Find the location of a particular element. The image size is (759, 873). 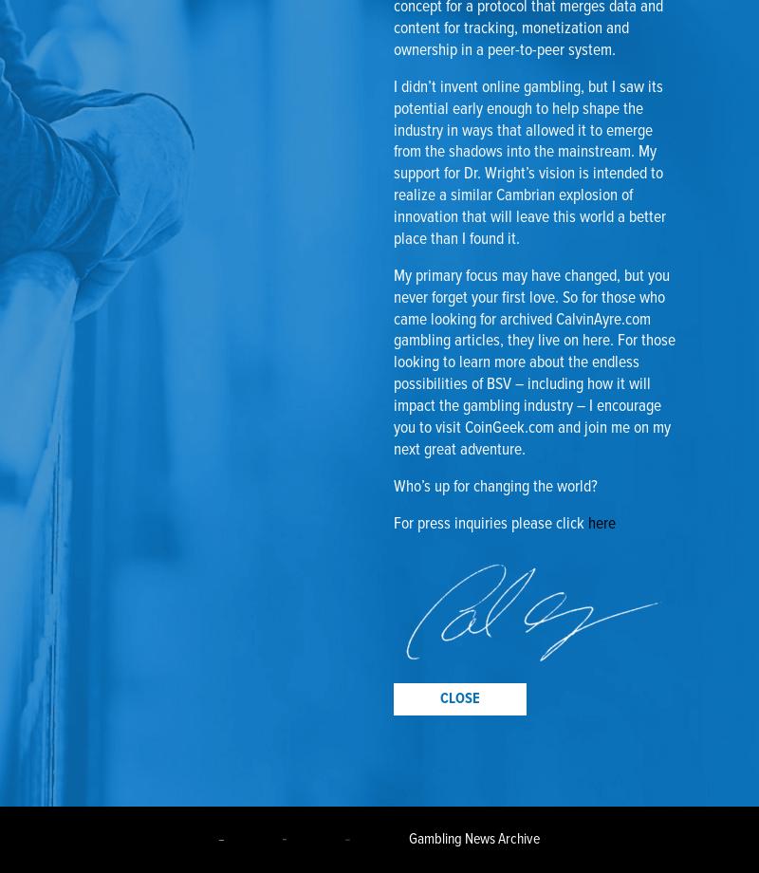

'. For those looking to learn more about the endless possibilities of BSV – including how it will impact the gambling industry – I encourage you to visit' is located at coordinates (394, 382).